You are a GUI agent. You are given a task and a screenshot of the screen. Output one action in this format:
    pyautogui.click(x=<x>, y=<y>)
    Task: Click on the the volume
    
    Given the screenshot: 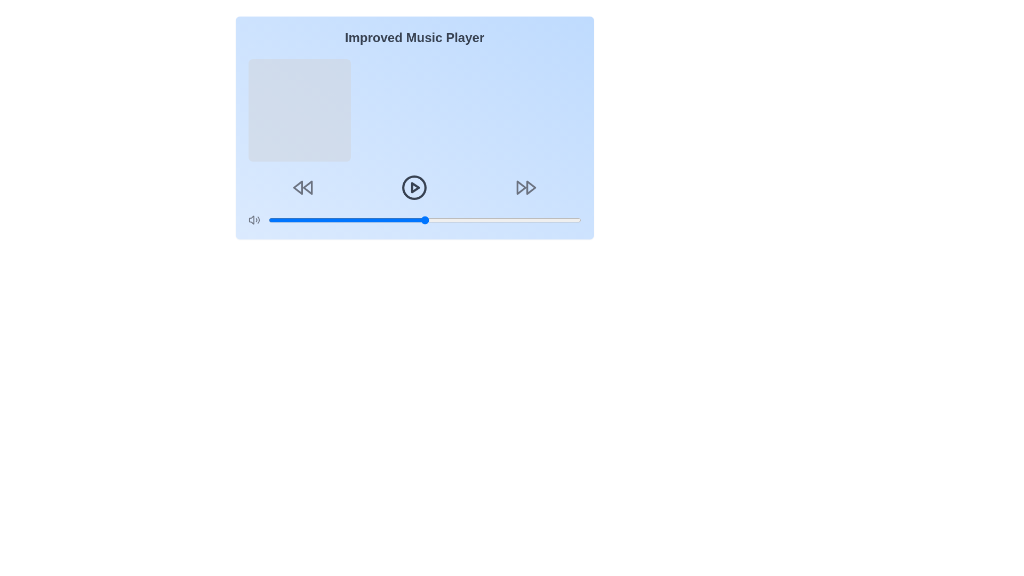 What is the action you would take?
    pyautogui.click(x=405, y=219)
    